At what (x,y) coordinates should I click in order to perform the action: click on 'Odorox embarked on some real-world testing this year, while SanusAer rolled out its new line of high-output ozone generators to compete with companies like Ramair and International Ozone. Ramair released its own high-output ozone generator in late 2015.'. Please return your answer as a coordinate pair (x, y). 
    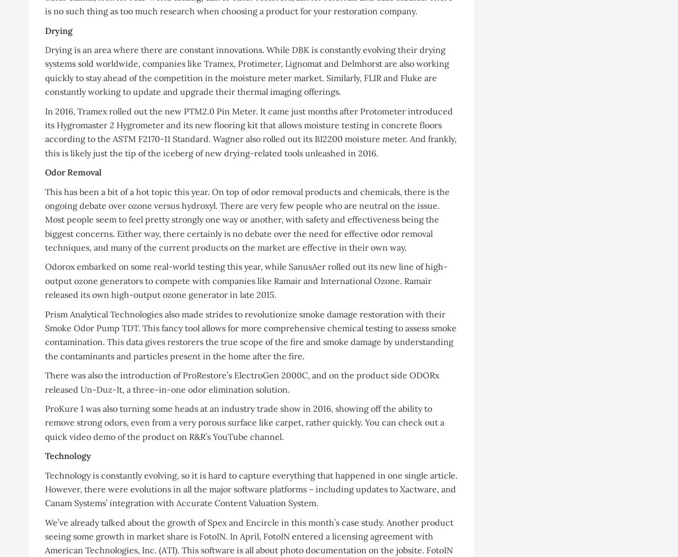
    Looking at the image, I should click on (246, 280).